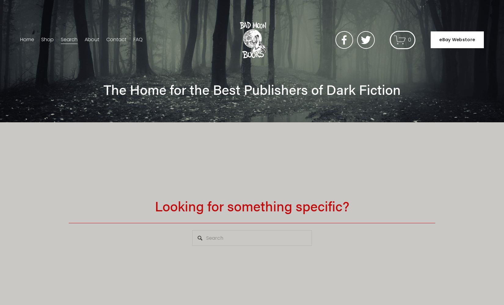  I want to click on '0', so click(409, 39).